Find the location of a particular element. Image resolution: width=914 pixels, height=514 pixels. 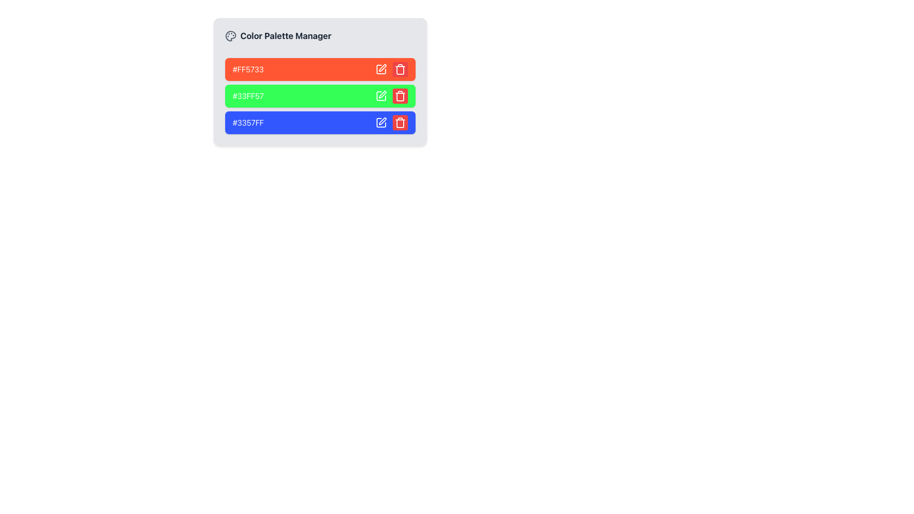

the trash icon button within the Color Palette Manager section is located at coordinates (400, 122).